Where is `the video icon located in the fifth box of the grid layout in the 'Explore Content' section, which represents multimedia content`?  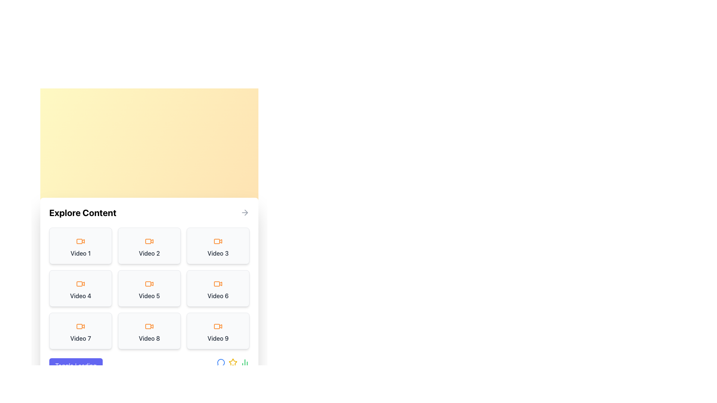
the video icon located in the fifth box of the grid layout in the 'Explore Content' section, which represents multimedia content is located at coordinates (149, 284).